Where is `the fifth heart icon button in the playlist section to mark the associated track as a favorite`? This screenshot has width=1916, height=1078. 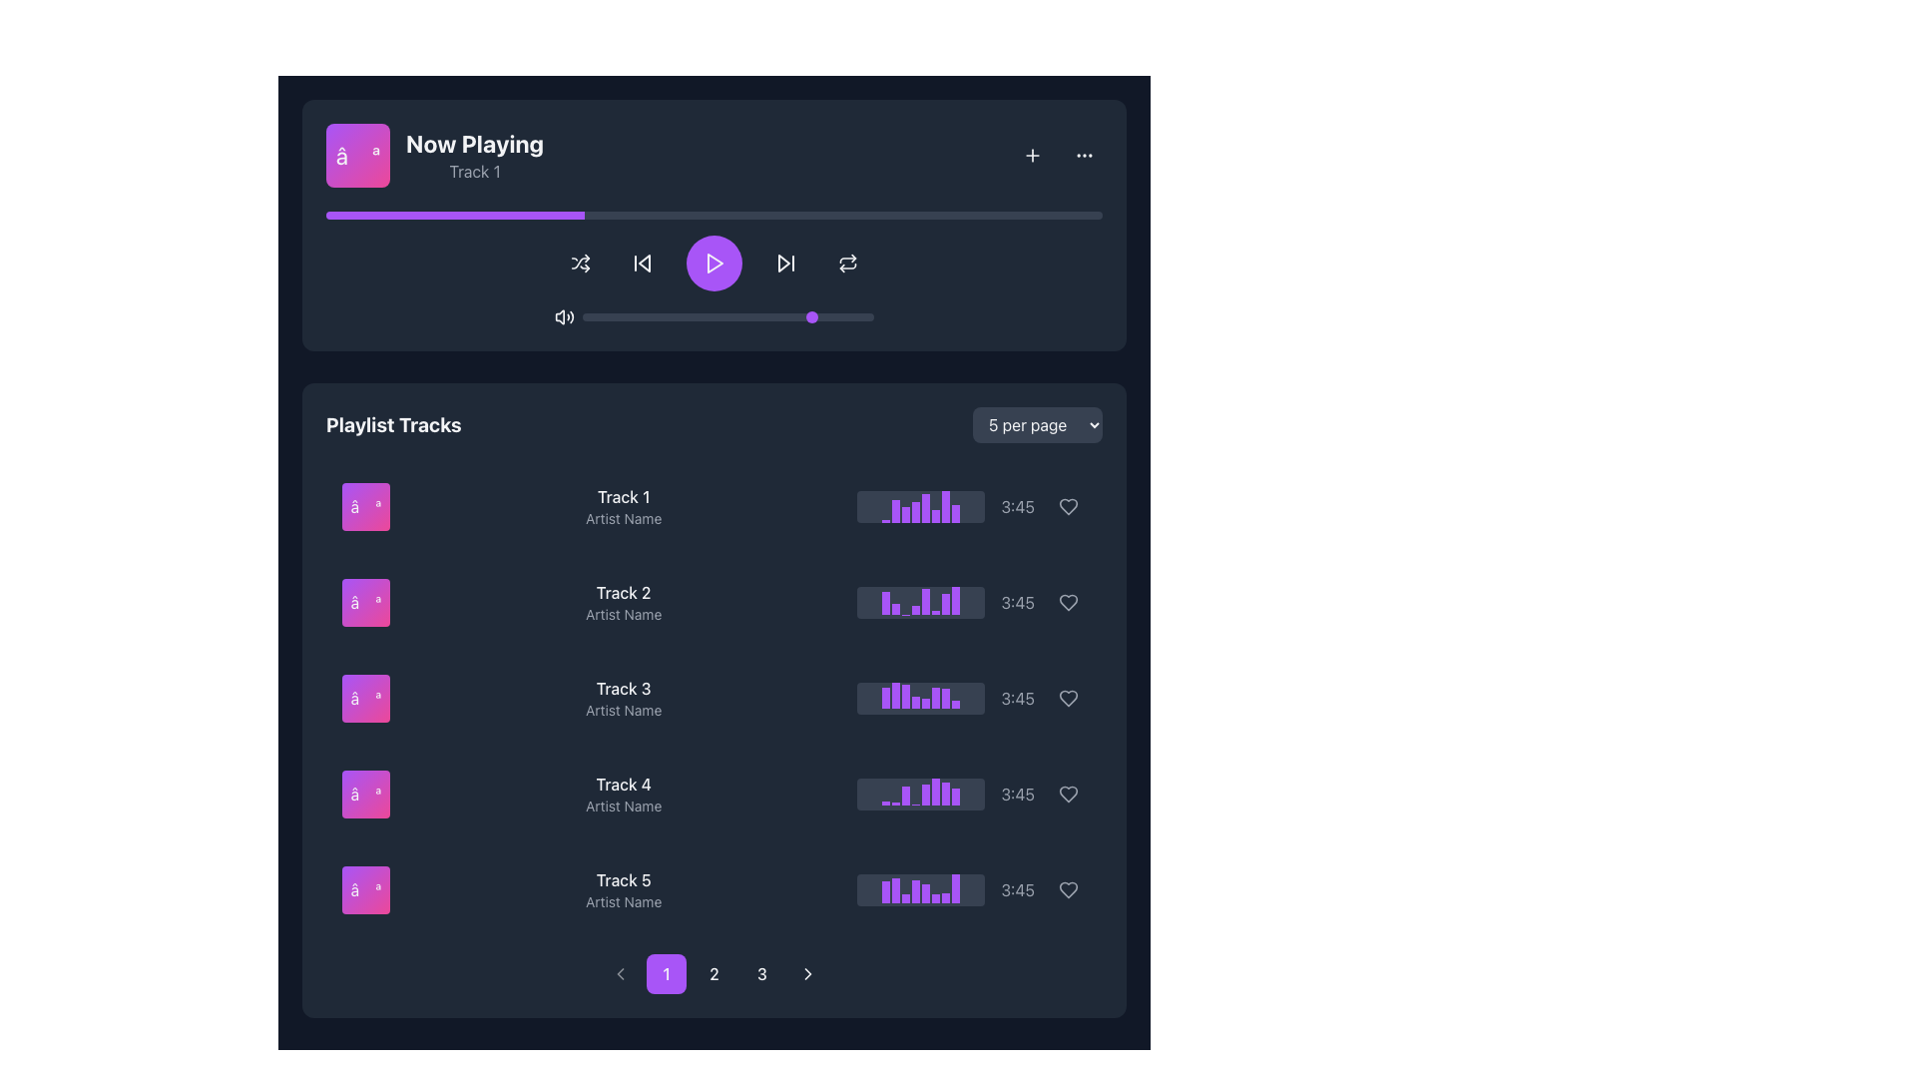
the fifth heart icon button in the playlist section to mark the associated track as a favorite is located at coordinates (1067, 697).